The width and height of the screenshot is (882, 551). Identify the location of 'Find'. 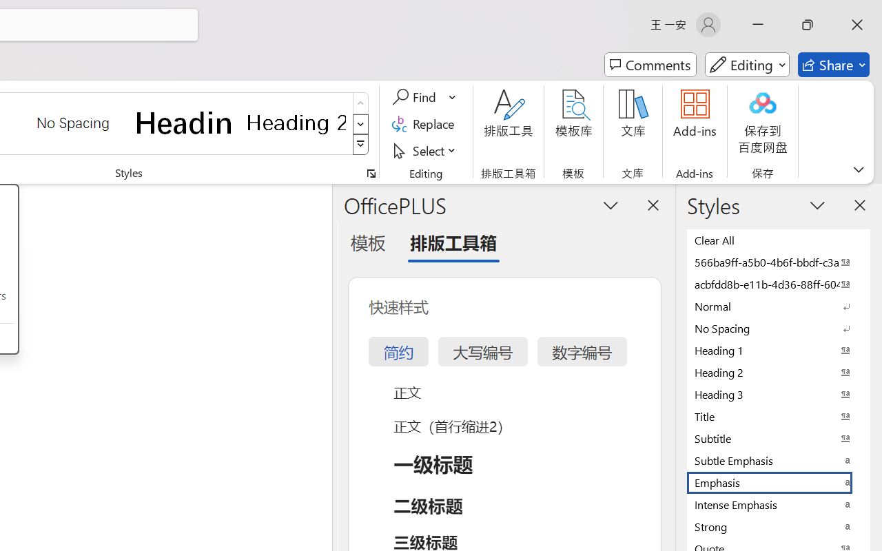
(424, 97).